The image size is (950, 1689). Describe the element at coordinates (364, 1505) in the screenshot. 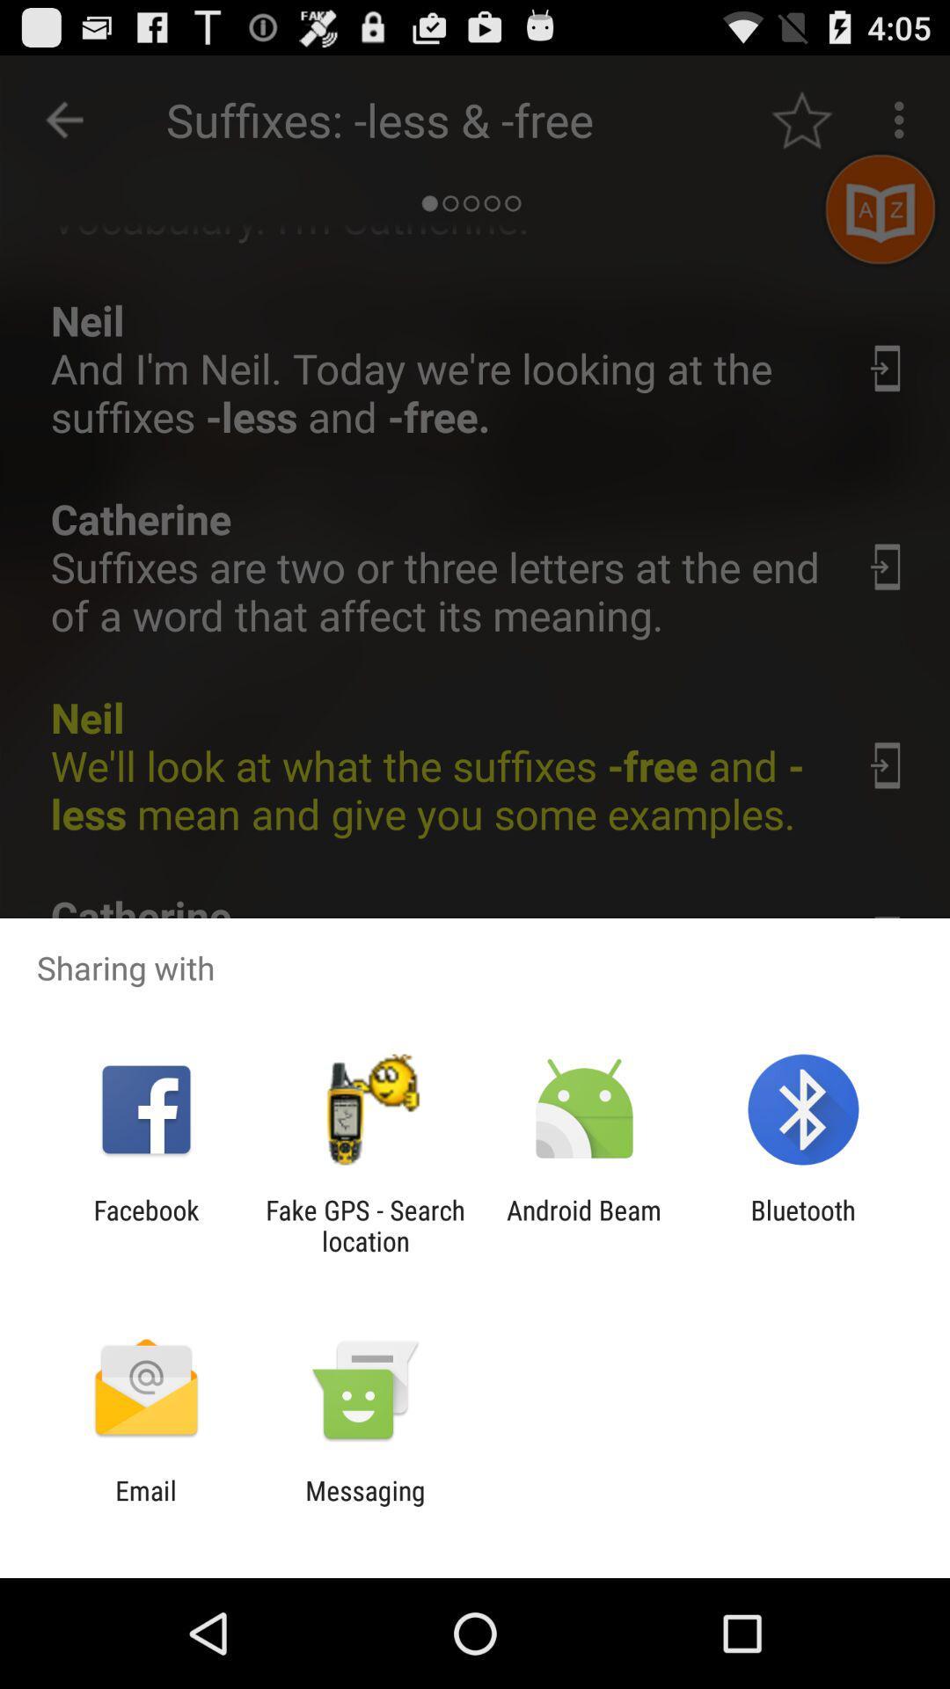

I see `messaging app` at that location.